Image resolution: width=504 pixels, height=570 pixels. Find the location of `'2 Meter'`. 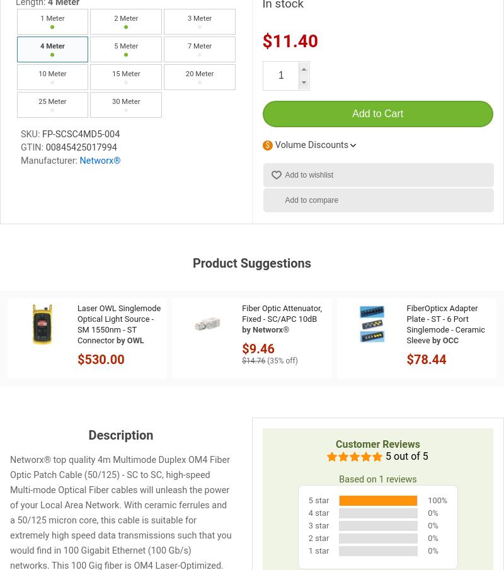

'2 Meter' is located at coordinates (113, 17).